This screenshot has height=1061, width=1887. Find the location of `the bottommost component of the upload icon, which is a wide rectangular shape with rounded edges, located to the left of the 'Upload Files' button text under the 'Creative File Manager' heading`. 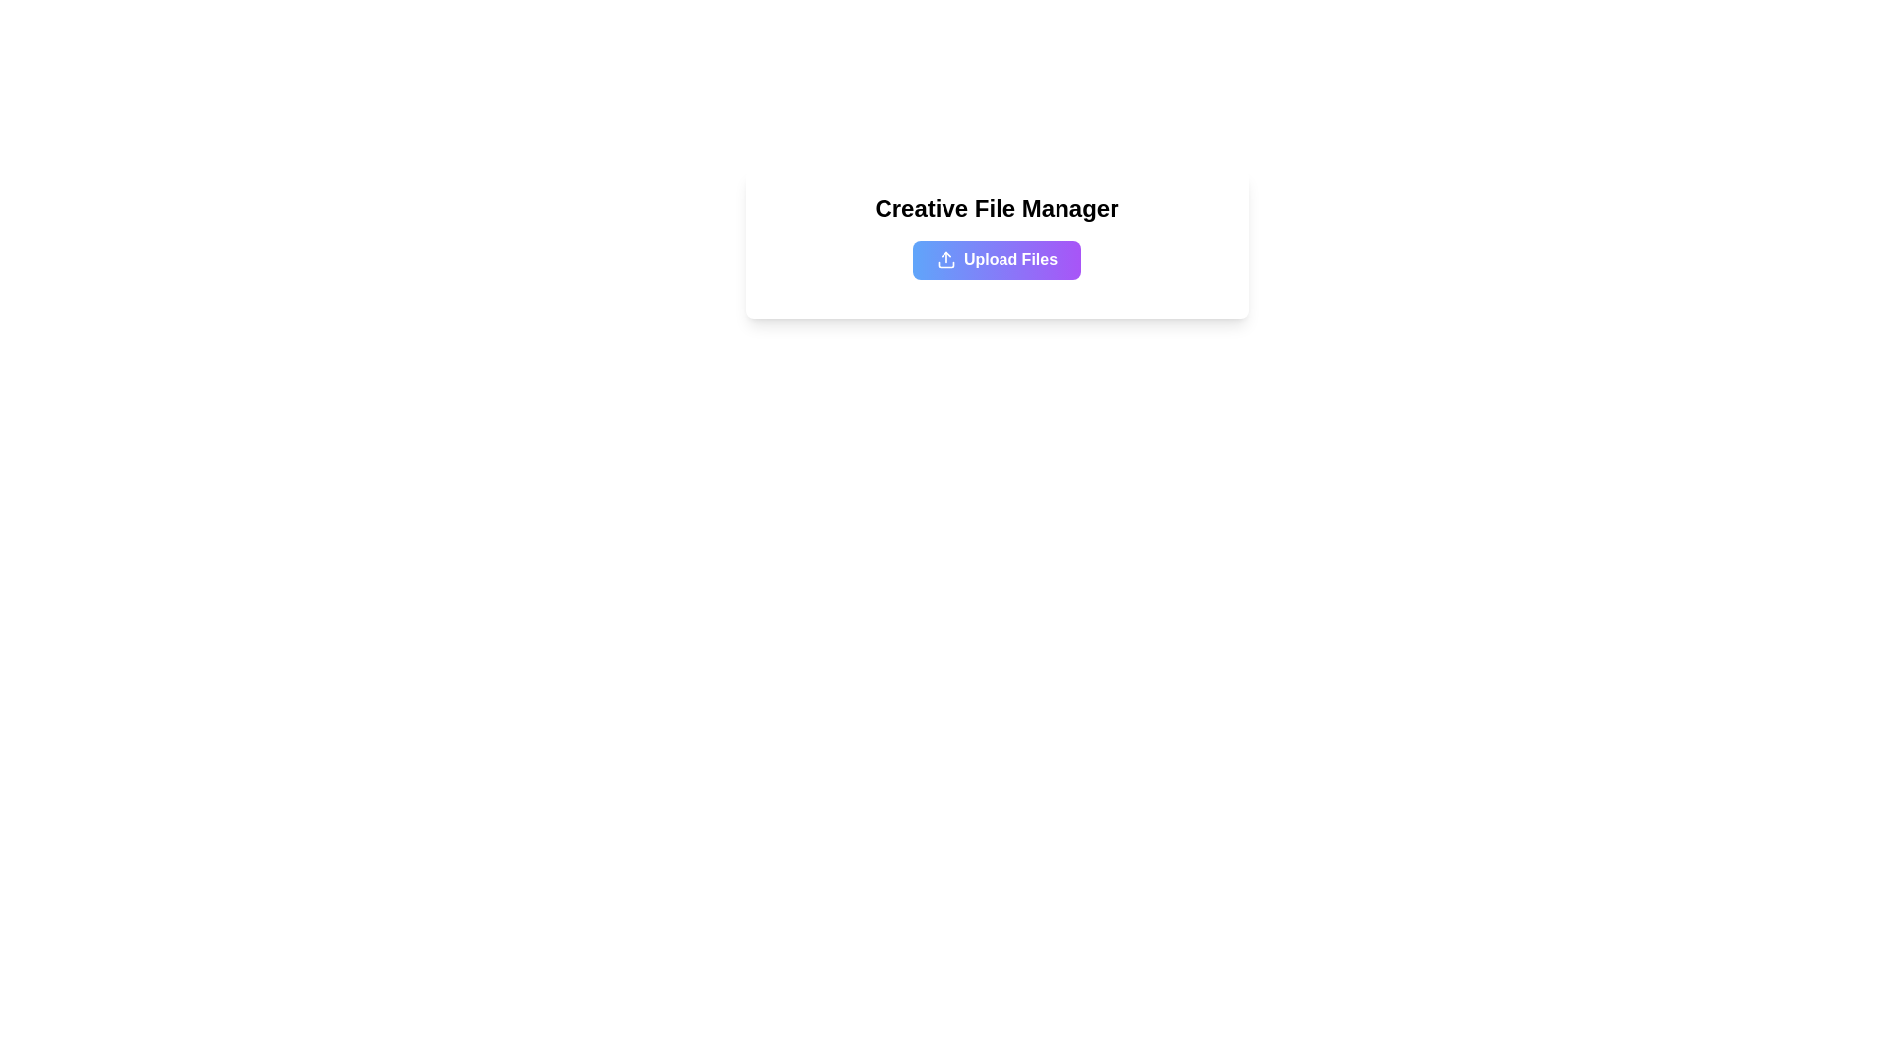

the bottommost component of the upload icon, which is a wide rectangular shape with rounded edges, located to the left of the 'Upload Files' button text under the 'Creative File Manager' heading is located at coordinates (945, 265).